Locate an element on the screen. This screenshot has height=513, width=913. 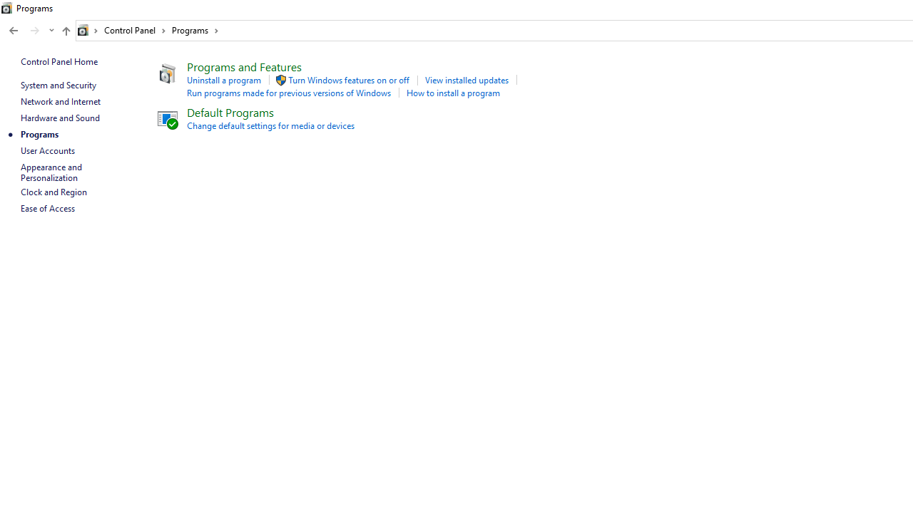
'Control Panel Home' is located at coordinates (58, 61).